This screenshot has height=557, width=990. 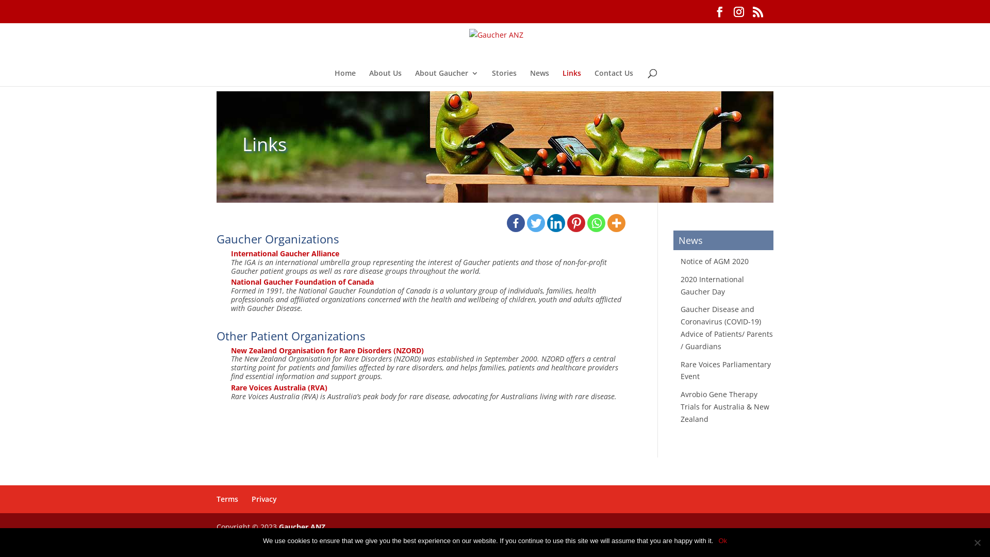 What do you see at coordinates (571, 77) in the screenshot?
I see `'Links'` at bounding box center [571, 77].